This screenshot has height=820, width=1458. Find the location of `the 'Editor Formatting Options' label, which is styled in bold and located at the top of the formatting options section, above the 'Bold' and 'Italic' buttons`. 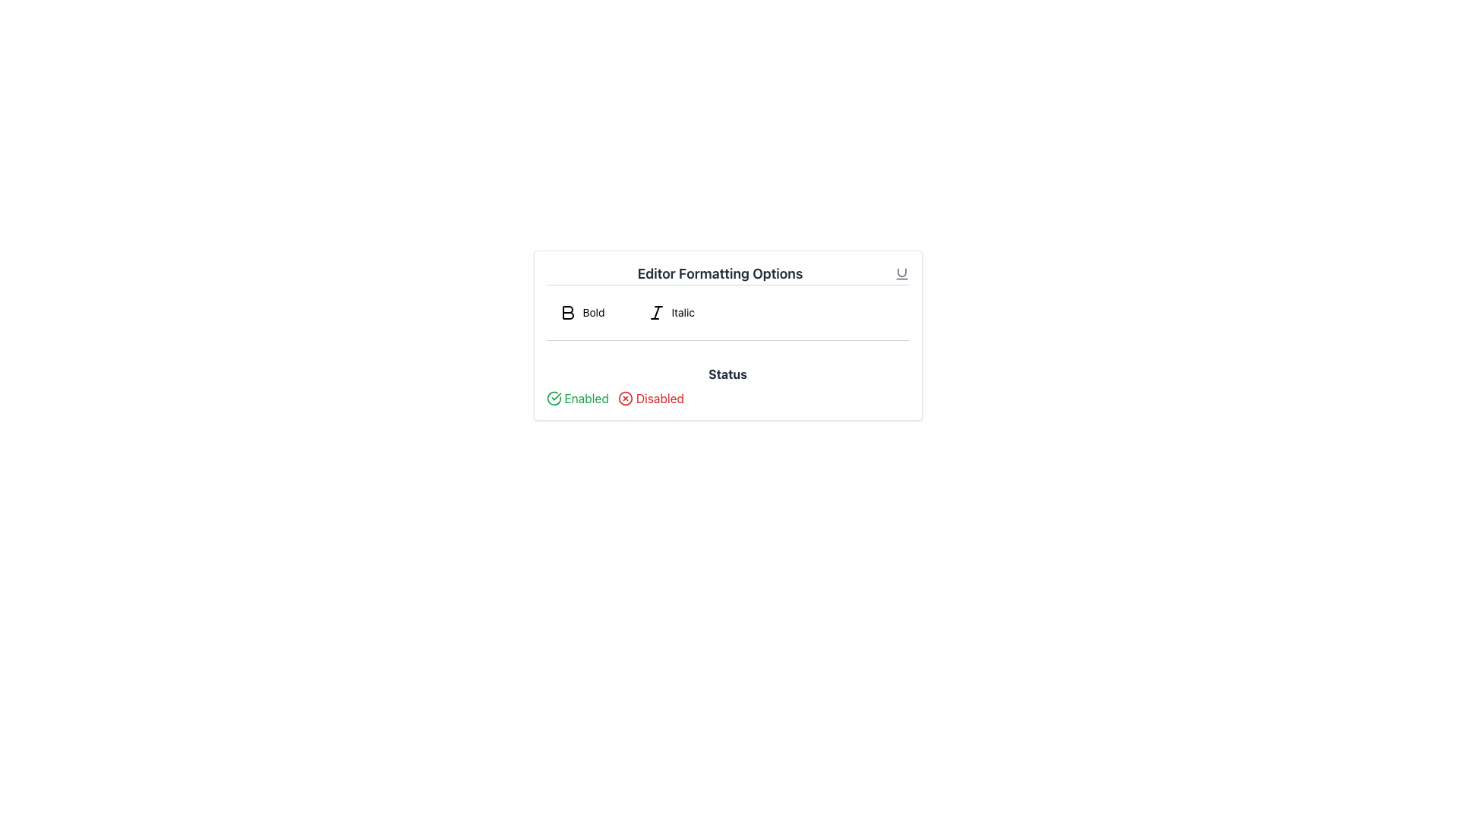

the 'Editor Formatting Options' label, which is styled in bold and located at the top of the formatting options section, above the 'Bold' and 'Italic' buttons is located at coordinates (727, 274).